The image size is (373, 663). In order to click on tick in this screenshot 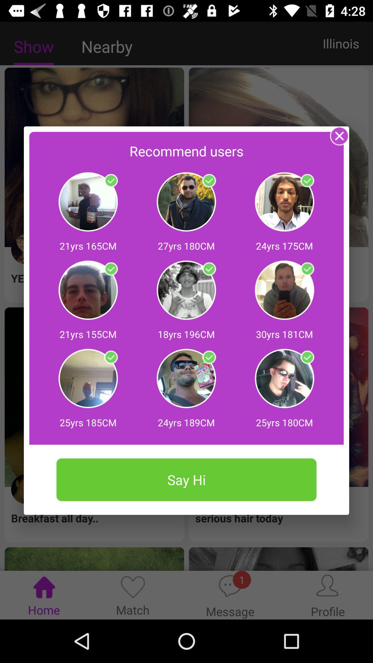, I will do `click(307, 269)`.